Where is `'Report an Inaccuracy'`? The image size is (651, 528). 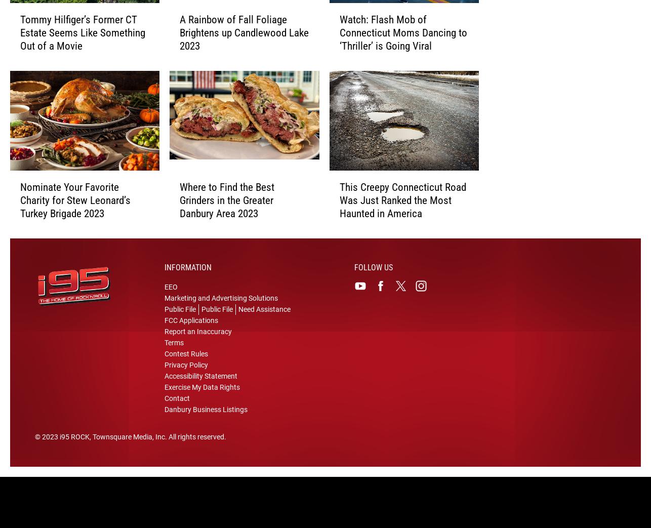 'Report an Inaccuracy' is located at coordinates (197, 338).